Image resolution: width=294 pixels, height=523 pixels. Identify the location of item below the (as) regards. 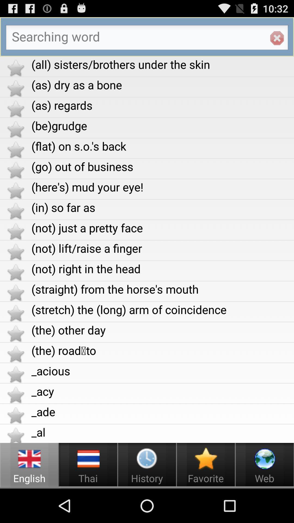
(162, 125).